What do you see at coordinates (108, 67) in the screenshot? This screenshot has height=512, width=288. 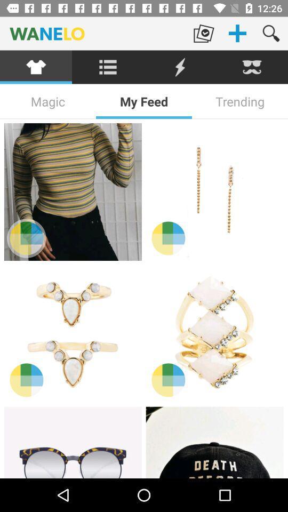 I see `the icon below the wanelo` at bounding box center [108, 67].